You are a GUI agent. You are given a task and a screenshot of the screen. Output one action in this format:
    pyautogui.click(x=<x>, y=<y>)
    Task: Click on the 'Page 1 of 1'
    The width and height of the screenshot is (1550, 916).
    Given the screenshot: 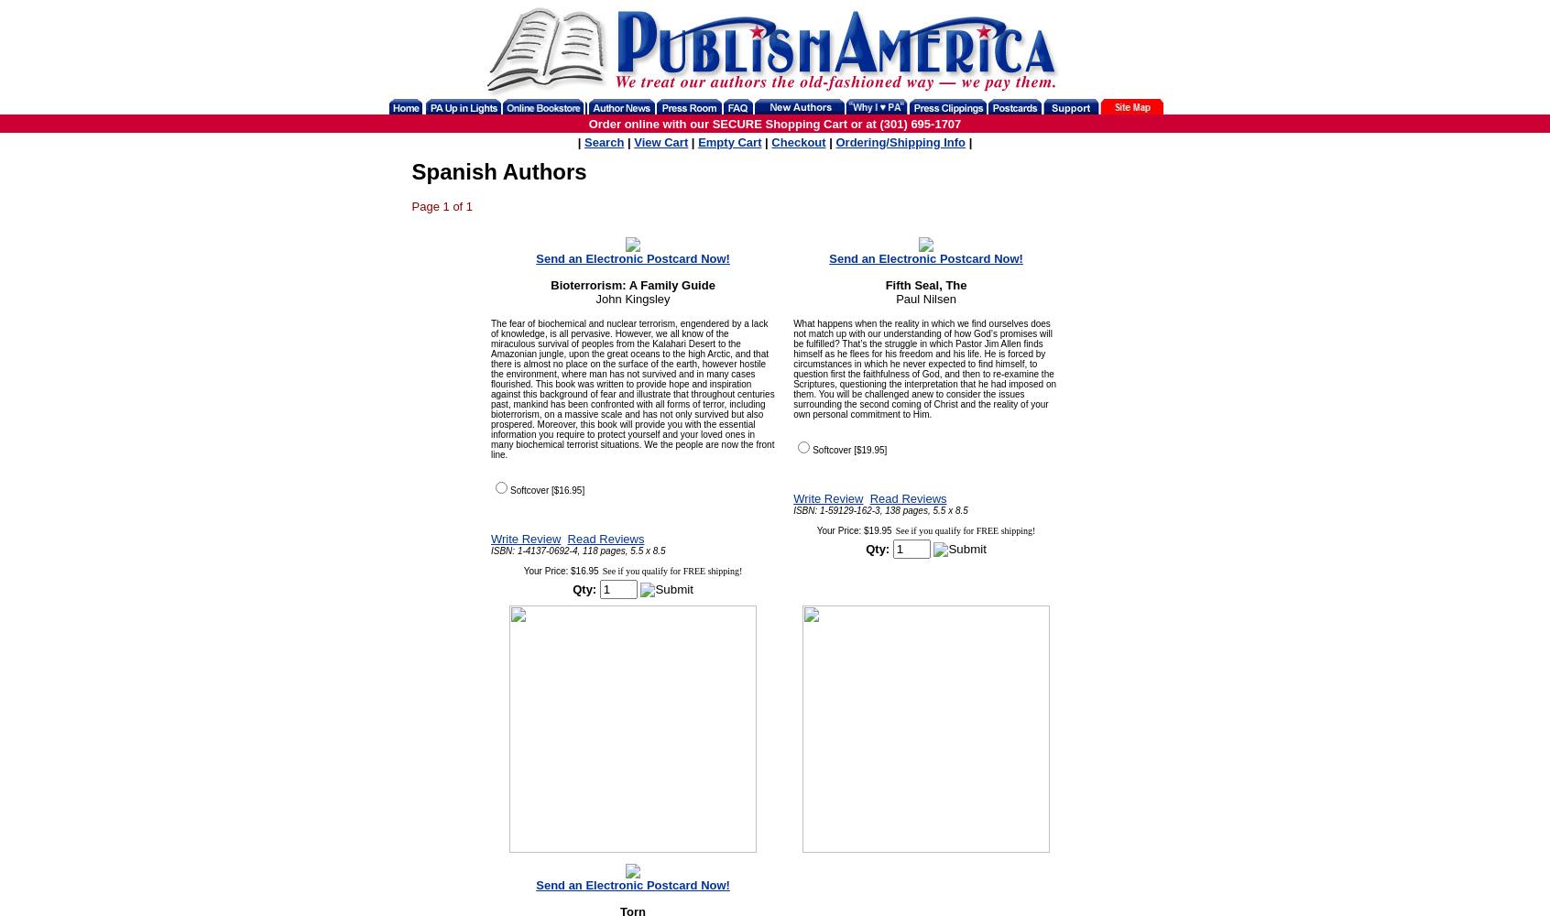 What is the action you would take?
    pyautogui.click(x=410, y=205)
    